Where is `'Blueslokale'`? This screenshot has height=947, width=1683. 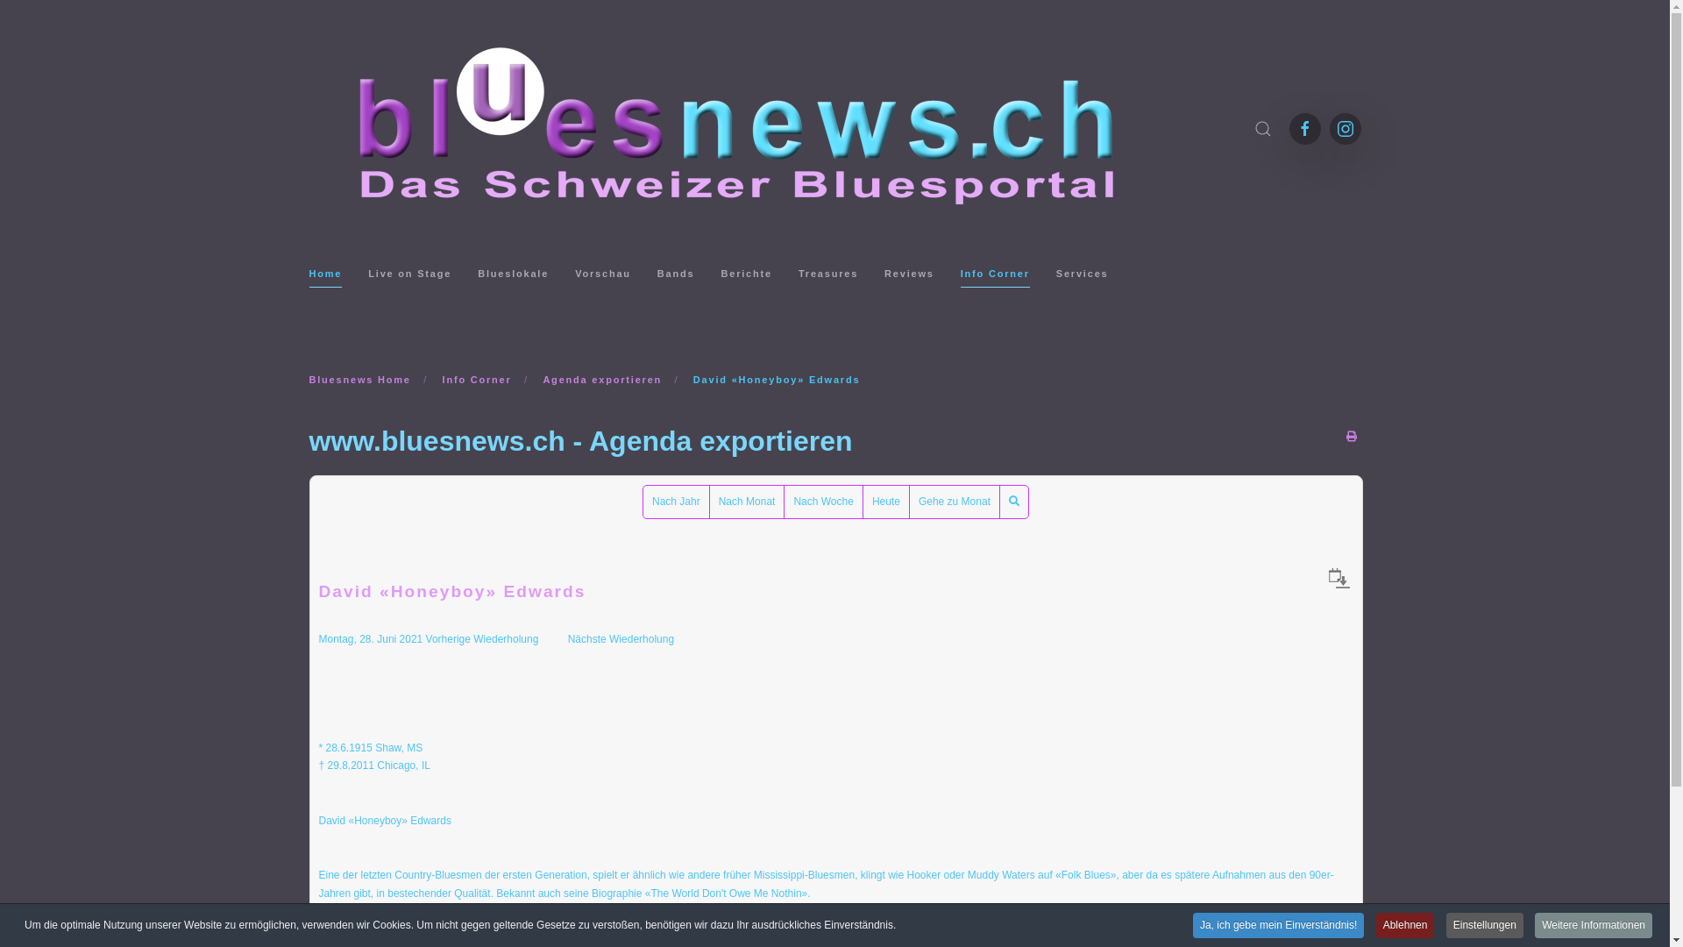 'Blueslokale' is located at coordinates (512, 274).